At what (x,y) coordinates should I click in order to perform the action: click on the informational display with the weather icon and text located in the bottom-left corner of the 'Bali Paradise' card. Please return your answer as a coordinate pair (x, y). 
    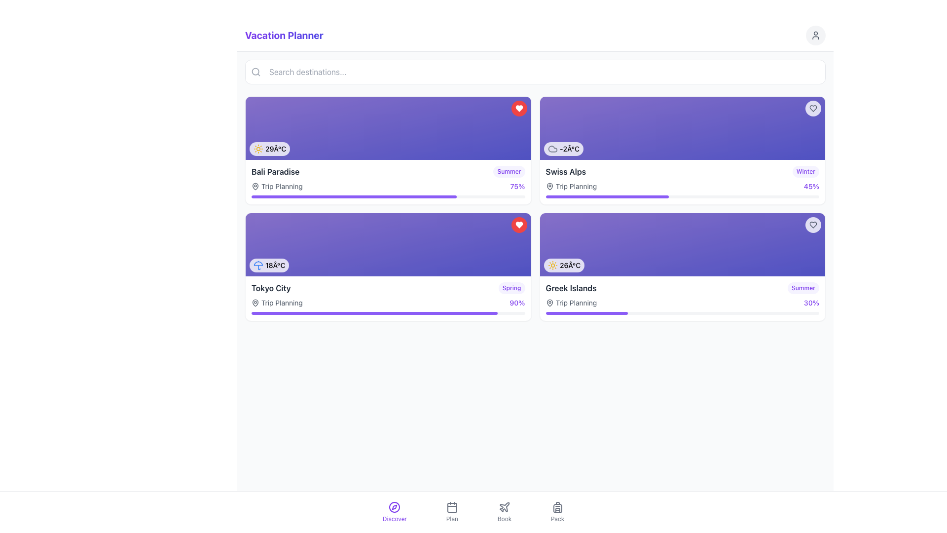
    Looking at the image, I should click on (270, 149).